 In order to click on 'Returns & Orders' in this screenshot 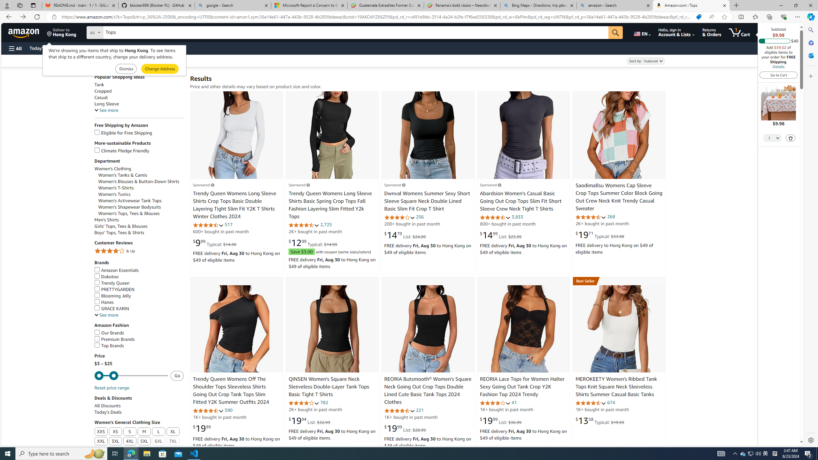, I will do `click(711, 32)`.